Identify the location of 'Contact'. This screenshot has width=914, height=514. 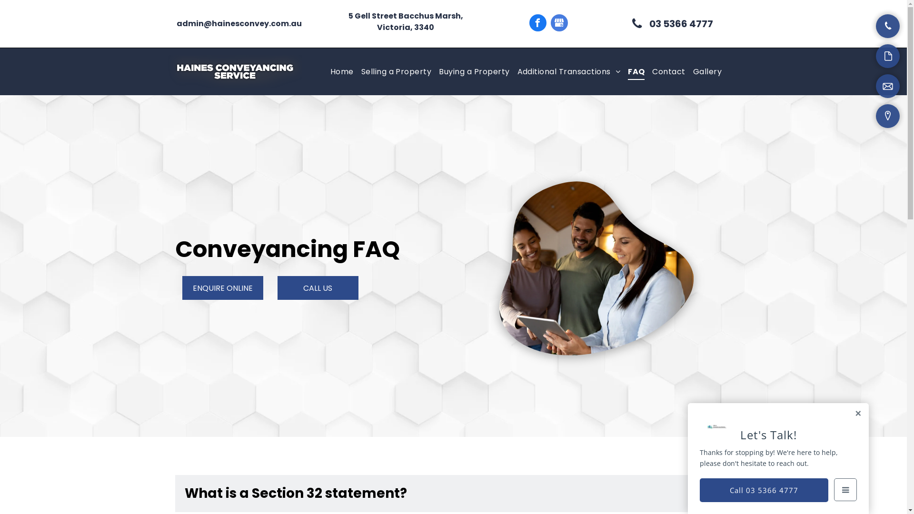
(668, 71).